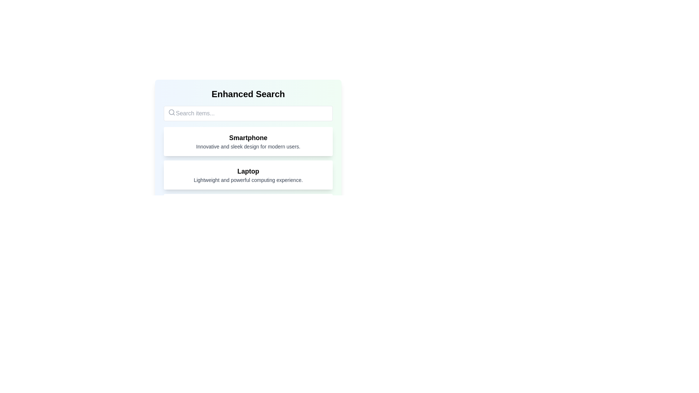 The image size is (699, 393). I want to click on the search input bar located below the 'Enhanced Search' title to focus on it, so click(248, 114).